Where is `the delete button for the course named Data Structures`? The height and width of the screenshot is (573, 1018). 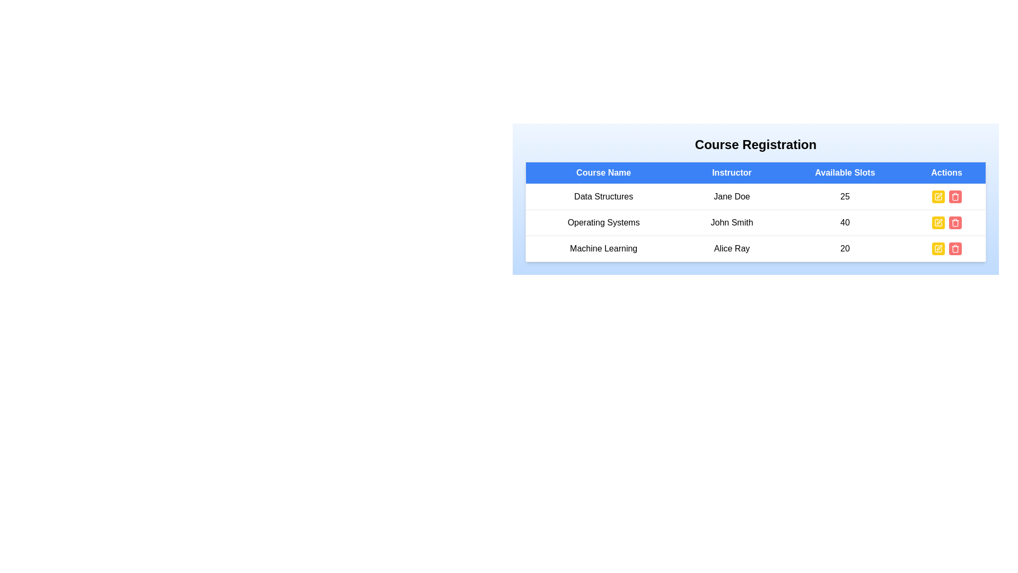
the delete button for the course named Data Structures is located at coordinates (955, 196).